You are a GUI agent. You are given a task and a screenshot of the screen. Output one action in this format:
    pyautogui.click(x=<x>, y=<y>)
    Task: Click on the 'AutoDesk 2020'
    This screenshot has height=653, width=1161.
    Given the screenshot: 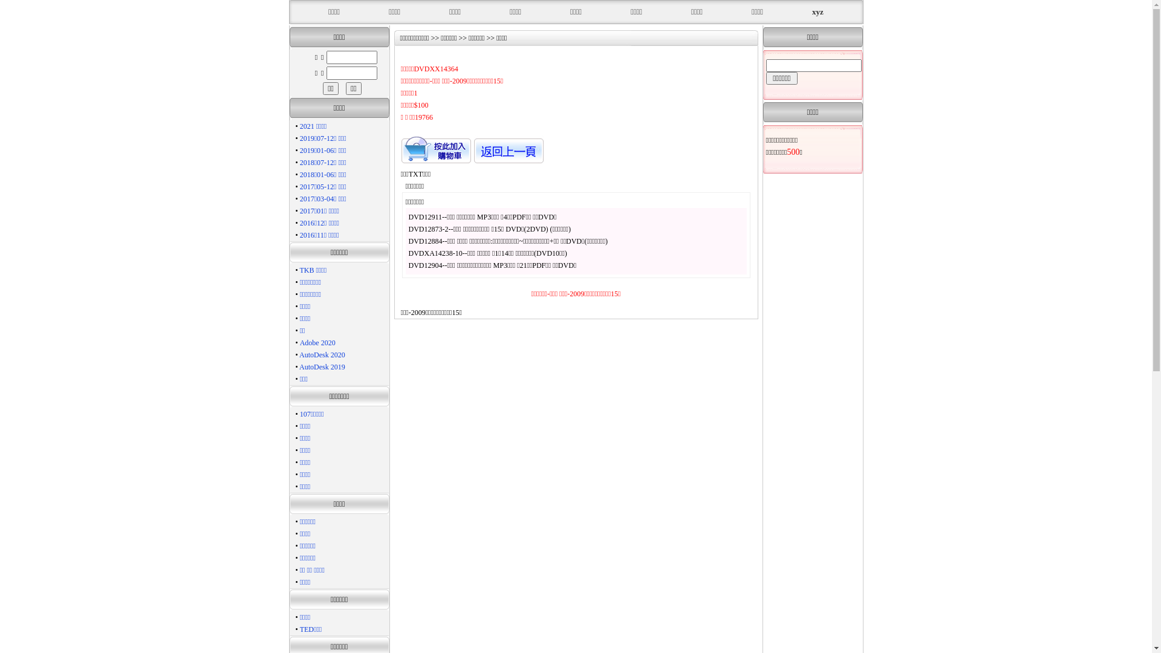 What is the action you would take?
    pyautogui.click(x=322, y=354)
    